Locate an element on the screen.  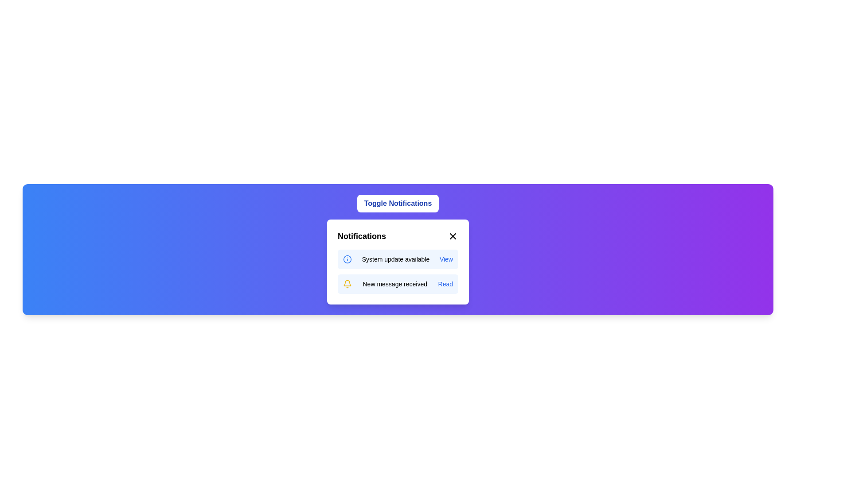
the yellow bell icon representing notifications, located to the left of the text 'New message received' in the second row of the notifications list is located at coordinates (347, 284).